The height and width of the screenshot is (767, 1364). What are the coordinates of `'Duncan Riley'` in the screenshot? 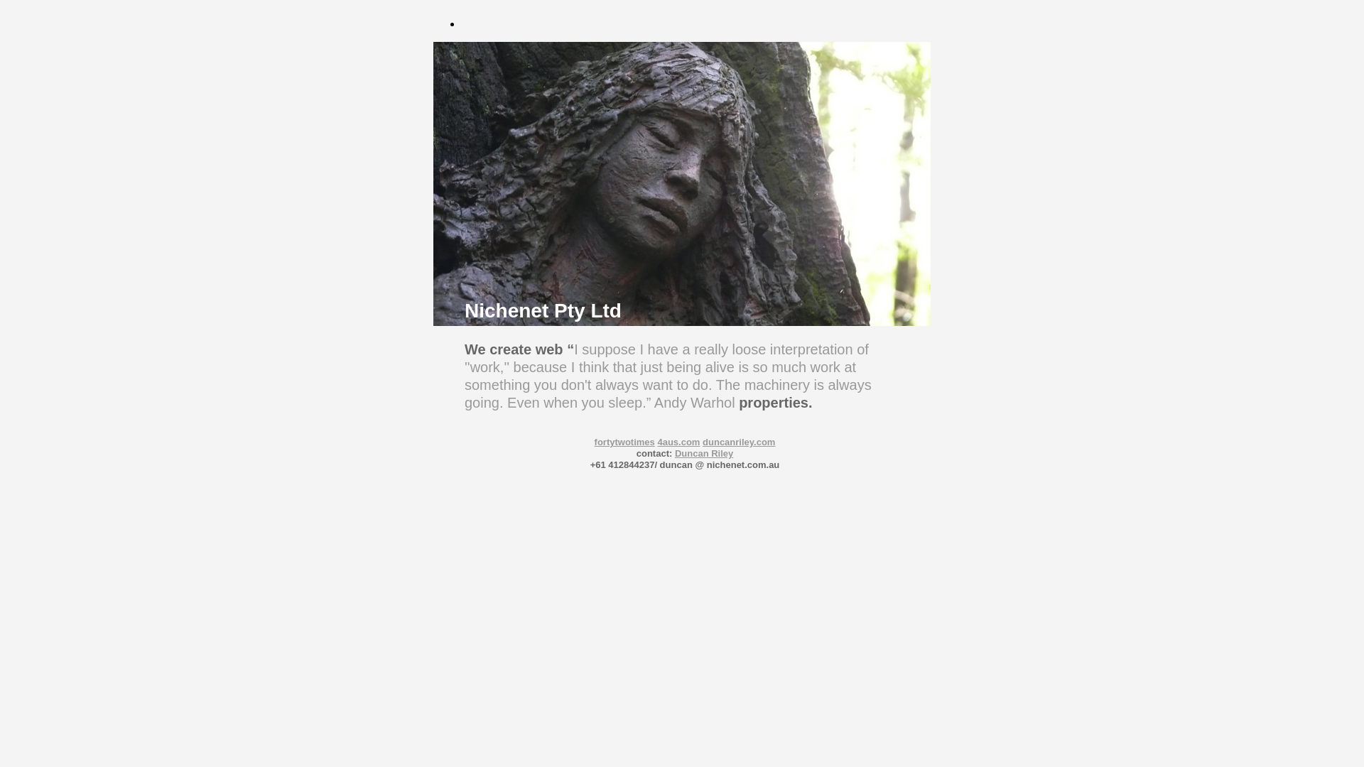 It's located at (703, 453).